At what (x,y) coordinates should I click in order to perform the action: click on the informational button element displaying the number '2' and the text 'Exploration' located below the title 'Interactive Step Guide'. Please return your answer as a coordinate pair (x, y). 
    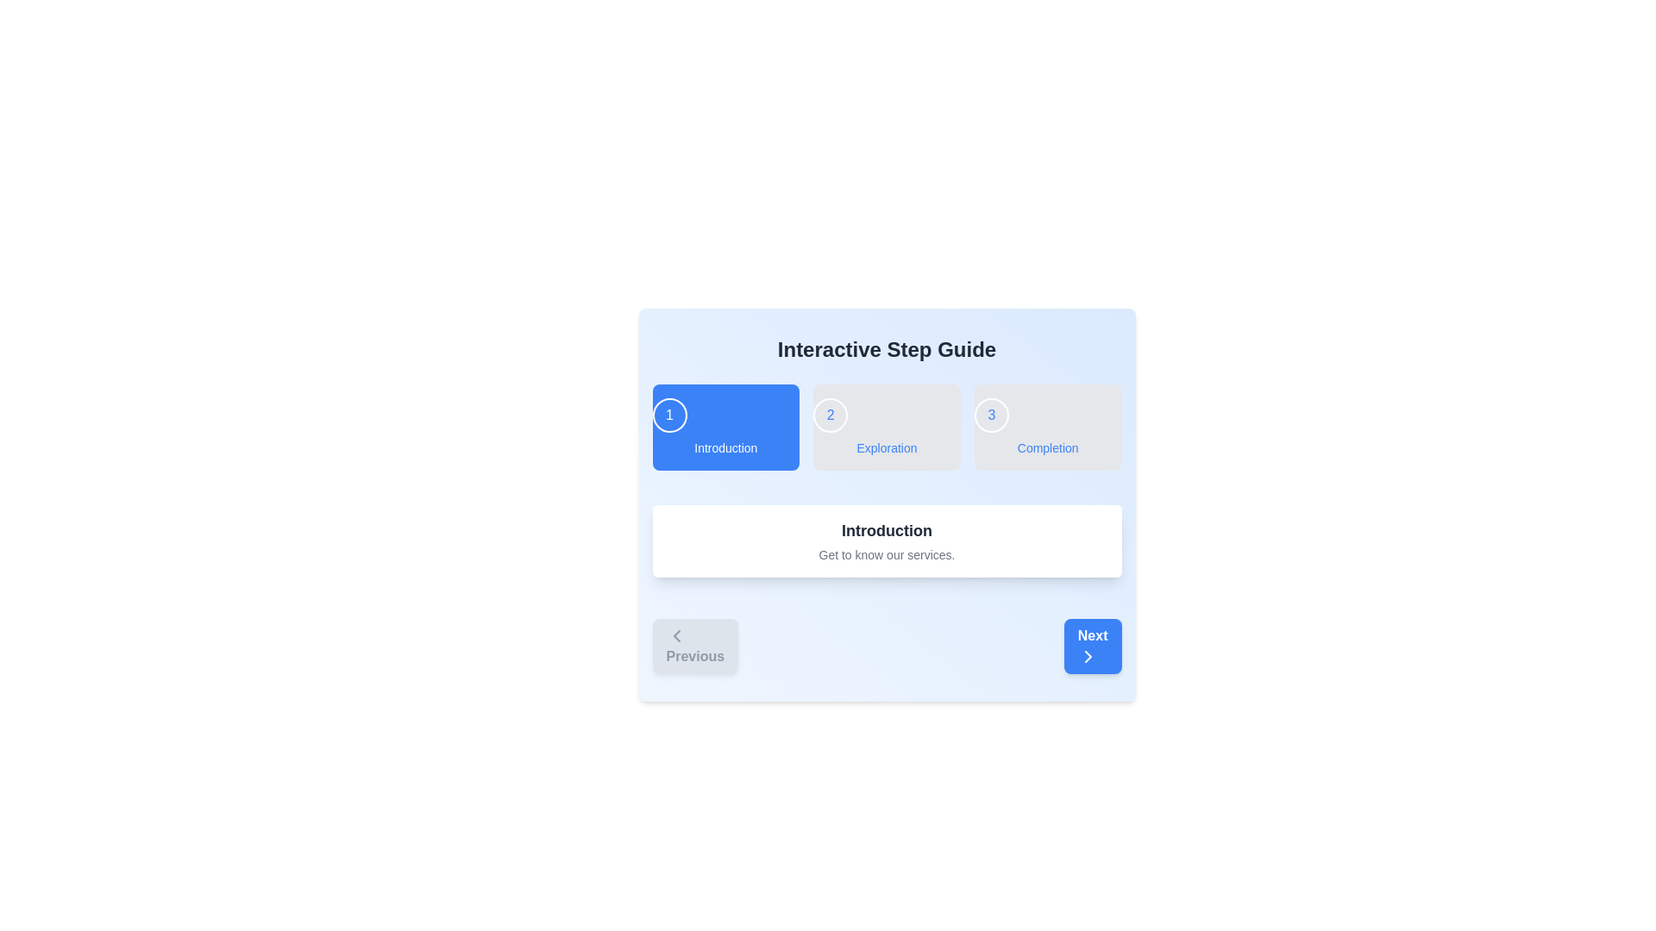
    Looking at the image, I should click on (887, 427).